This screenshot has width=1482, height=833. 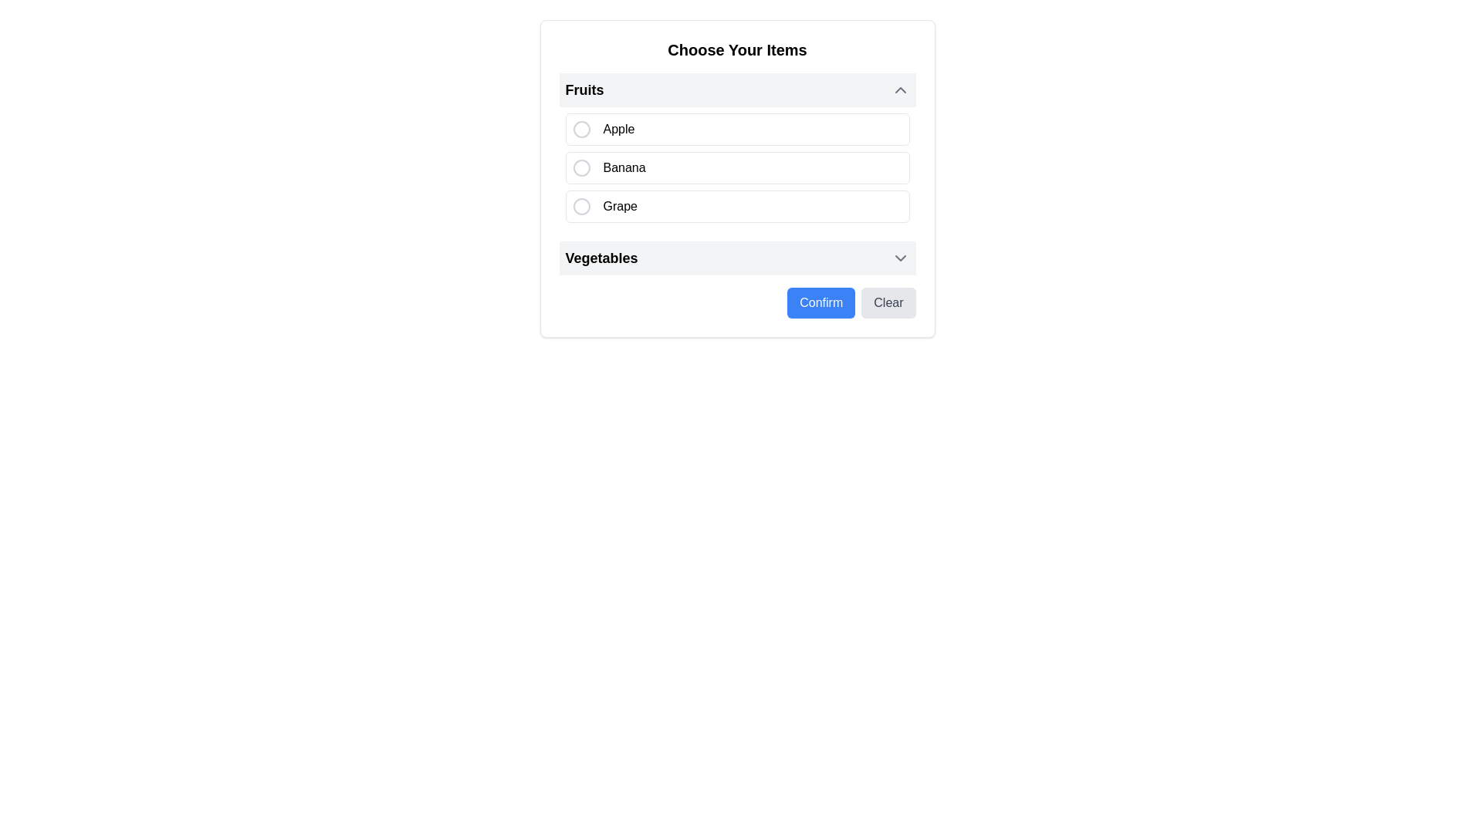 I want to click on the chevron-down icon located immediately to the right of the 'Vegetables' text, so click(x=900, y=258).